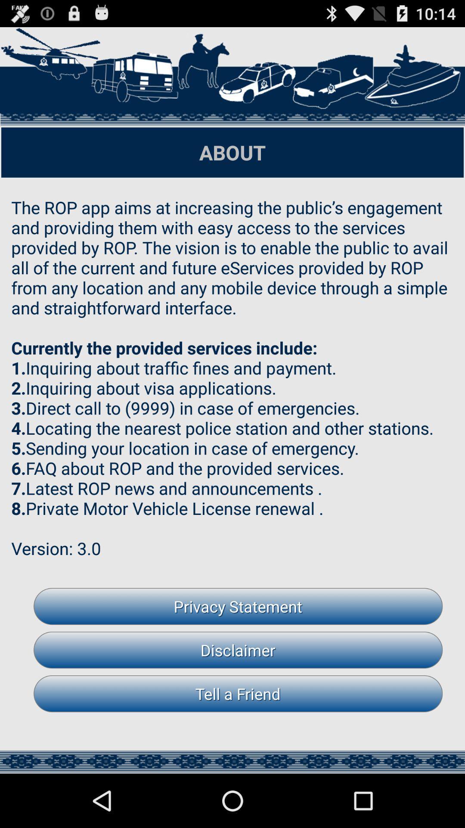  I want to click on tell a friend item, so click(238, 693).